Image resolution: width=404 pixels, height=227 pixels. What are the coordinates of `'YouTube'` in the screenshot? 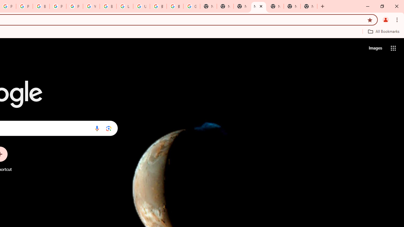 It's located at (91, 6).